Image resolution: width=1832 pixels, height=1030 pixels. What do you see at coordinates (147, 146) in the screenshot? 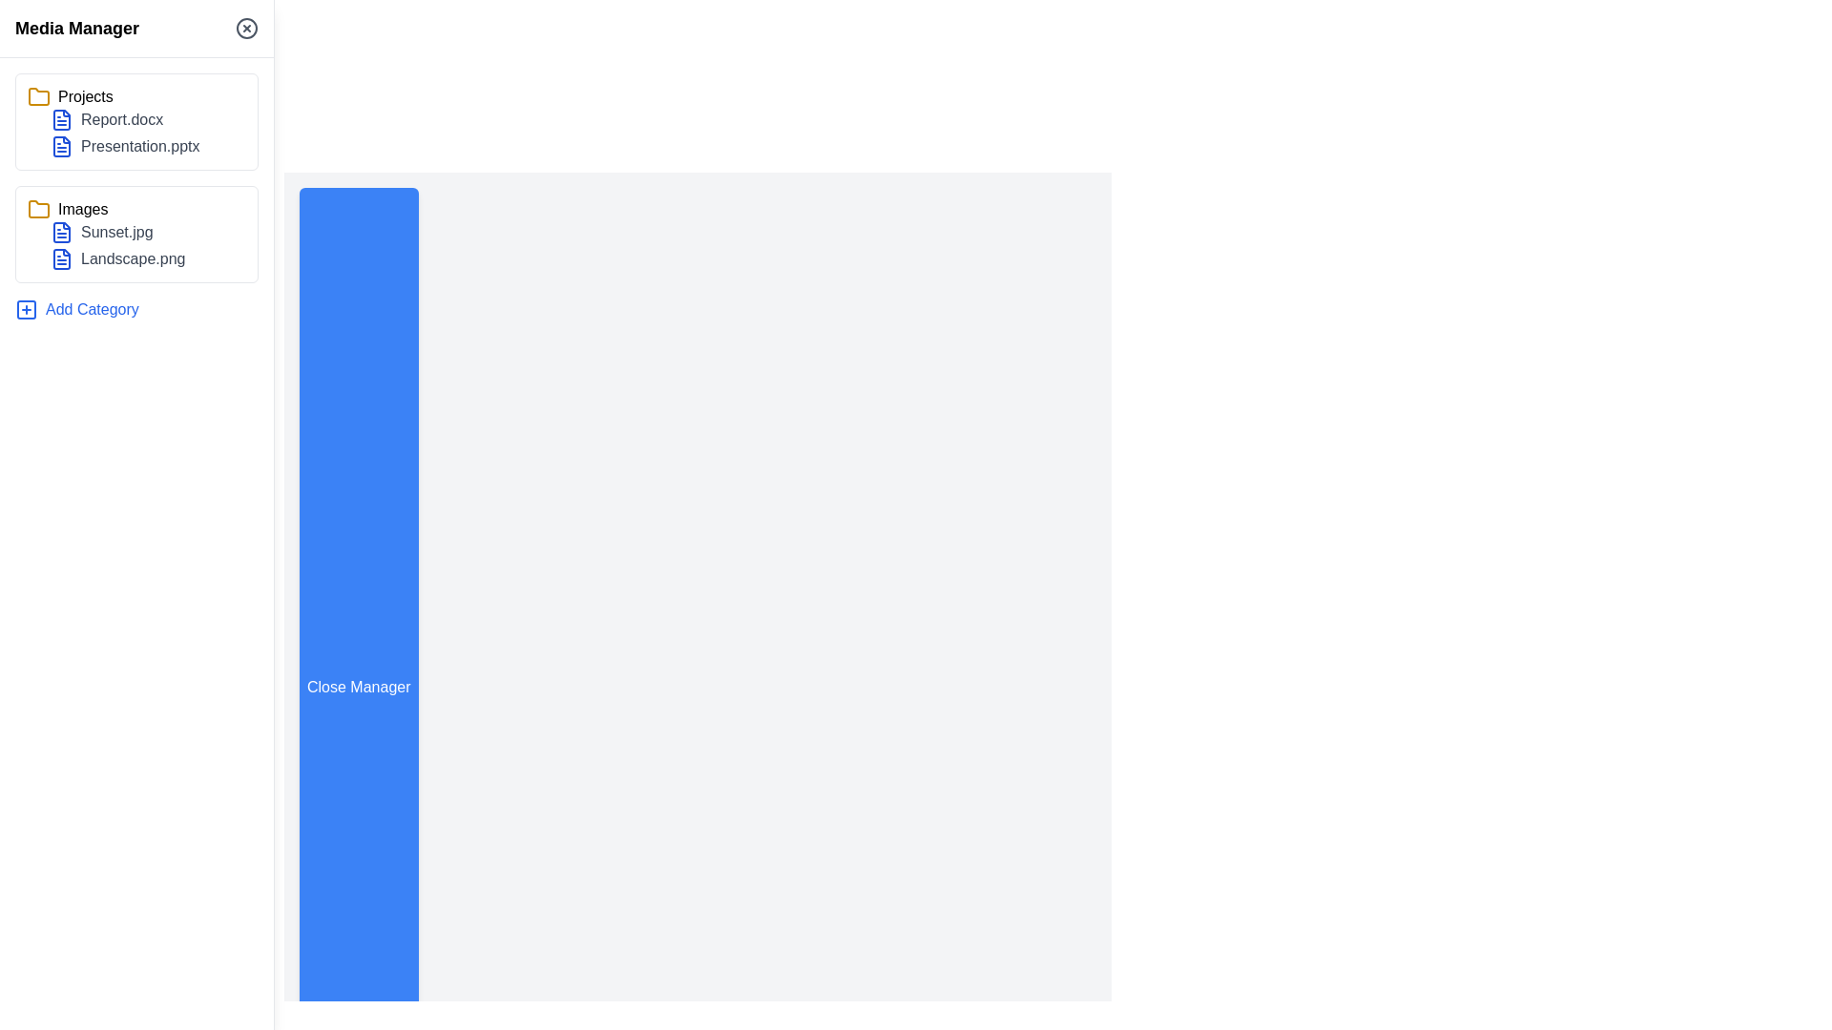
I see `to select the file entry labeled 'Presentation.pptx' which is represented by a blue folder icon and located under the 'Projects' category in the file manager` at bounding box center [147, 146].